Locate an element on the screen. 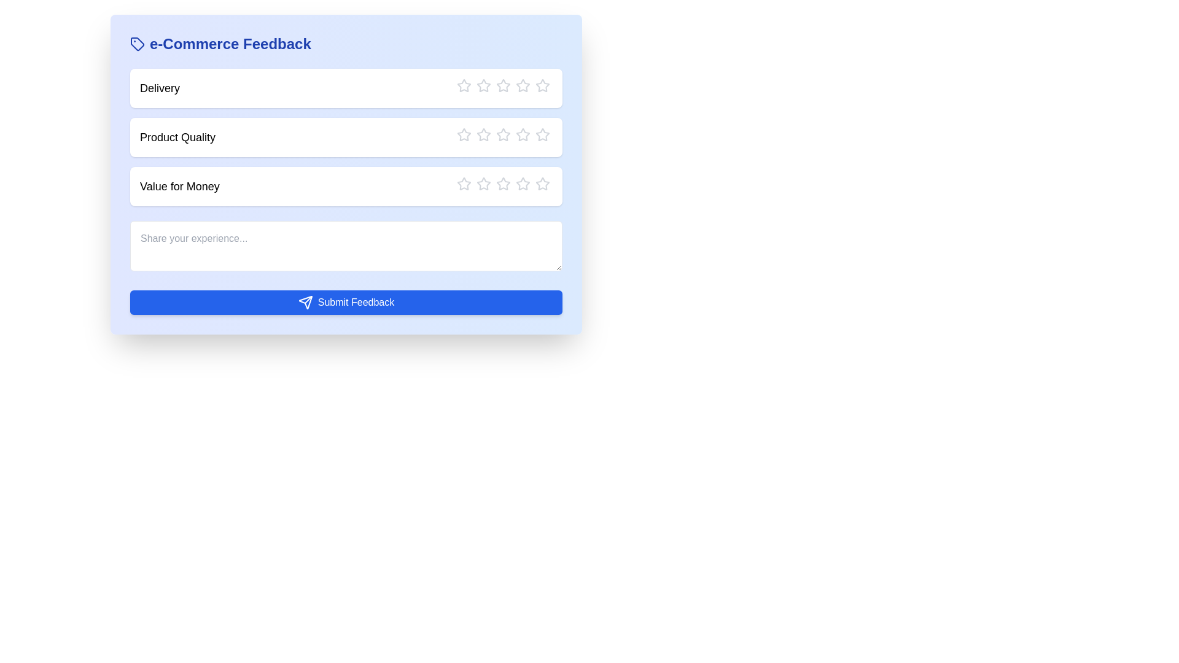 This screenshot has width=1179, height=663. the star corresponding to the rating 5 for the category Product Quality is located at coordinates (535, 134).